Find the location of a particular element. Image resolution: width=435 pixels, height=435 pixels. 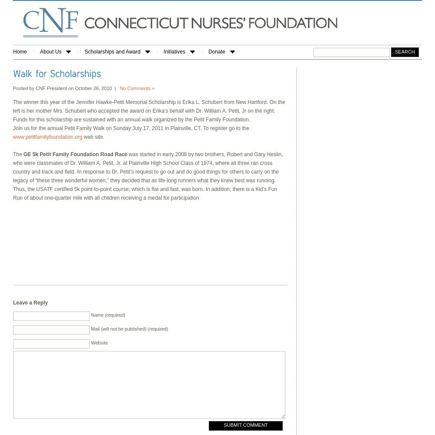

'web site.' is located at coordinates (93, 137).